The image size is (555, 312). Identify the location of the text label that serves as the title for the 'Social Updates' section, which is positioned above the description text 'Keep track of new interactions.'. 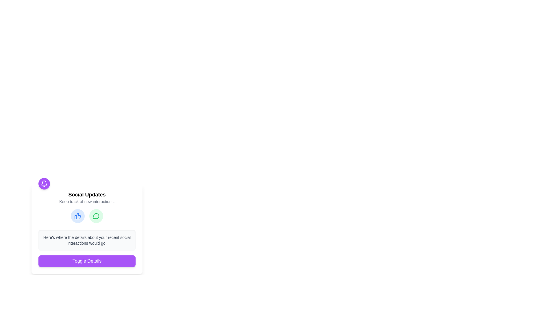
(87, 195).